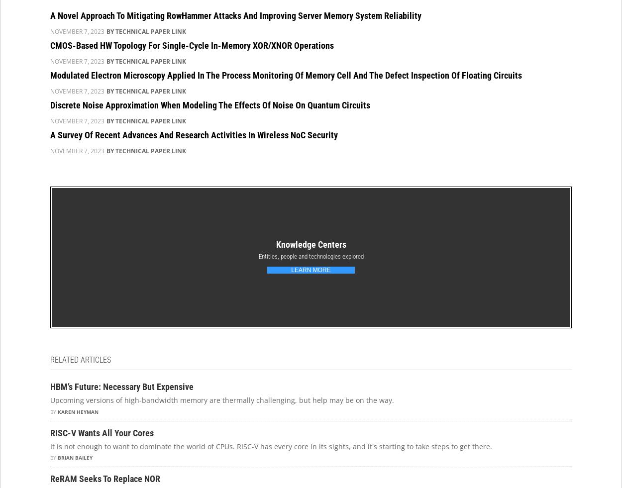  I want to click on 'Modulated Electron Microscopy Applied In The Process Monitoring Of Memory Cell And The Defect Inspection Of Floating Circuits', so click(286, 74).